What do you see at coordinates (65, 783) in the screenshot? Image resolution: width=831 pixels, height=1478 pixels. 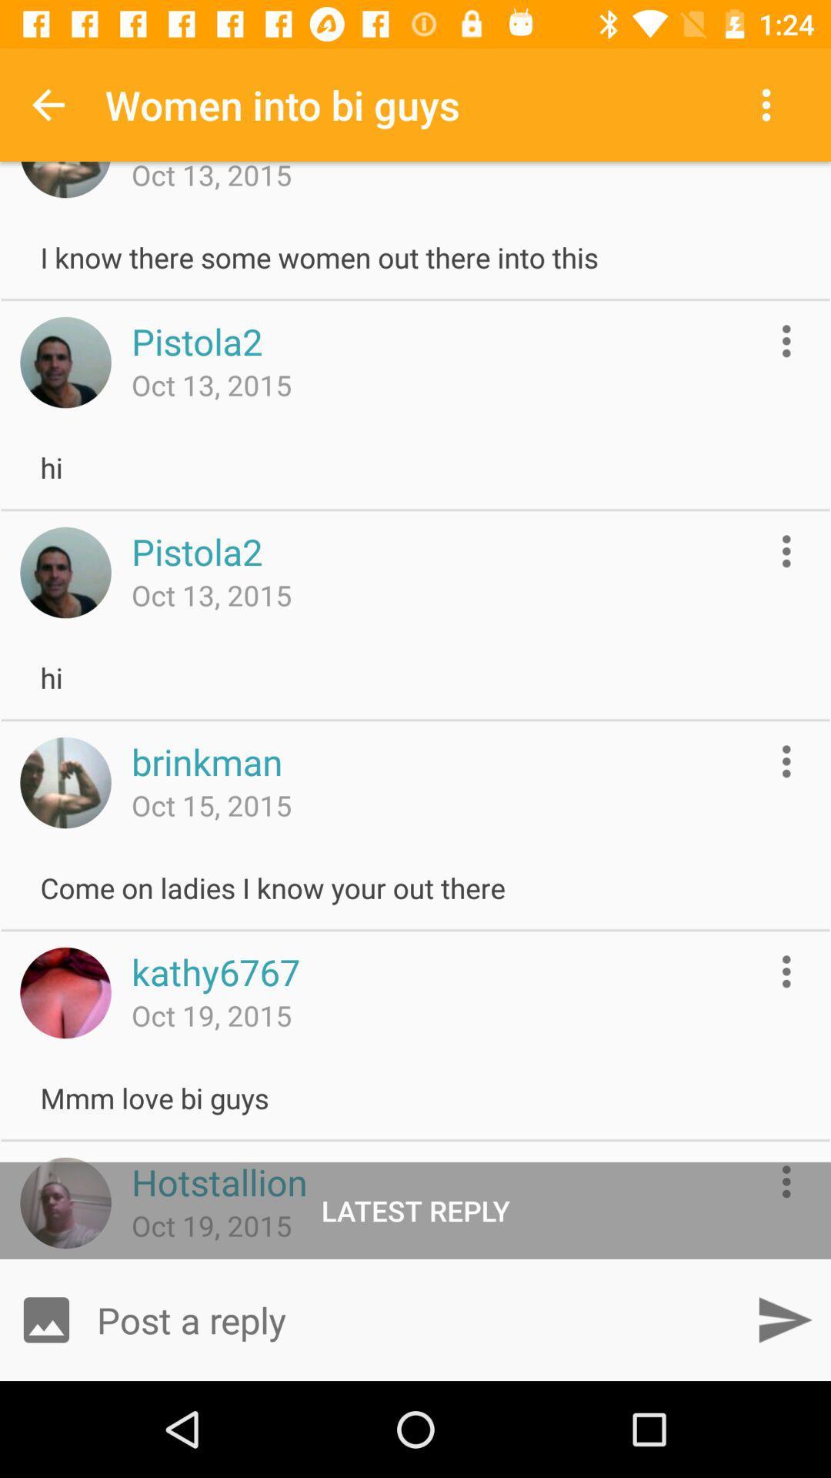 I see `link to user profile` at bounding box center [65, 783].